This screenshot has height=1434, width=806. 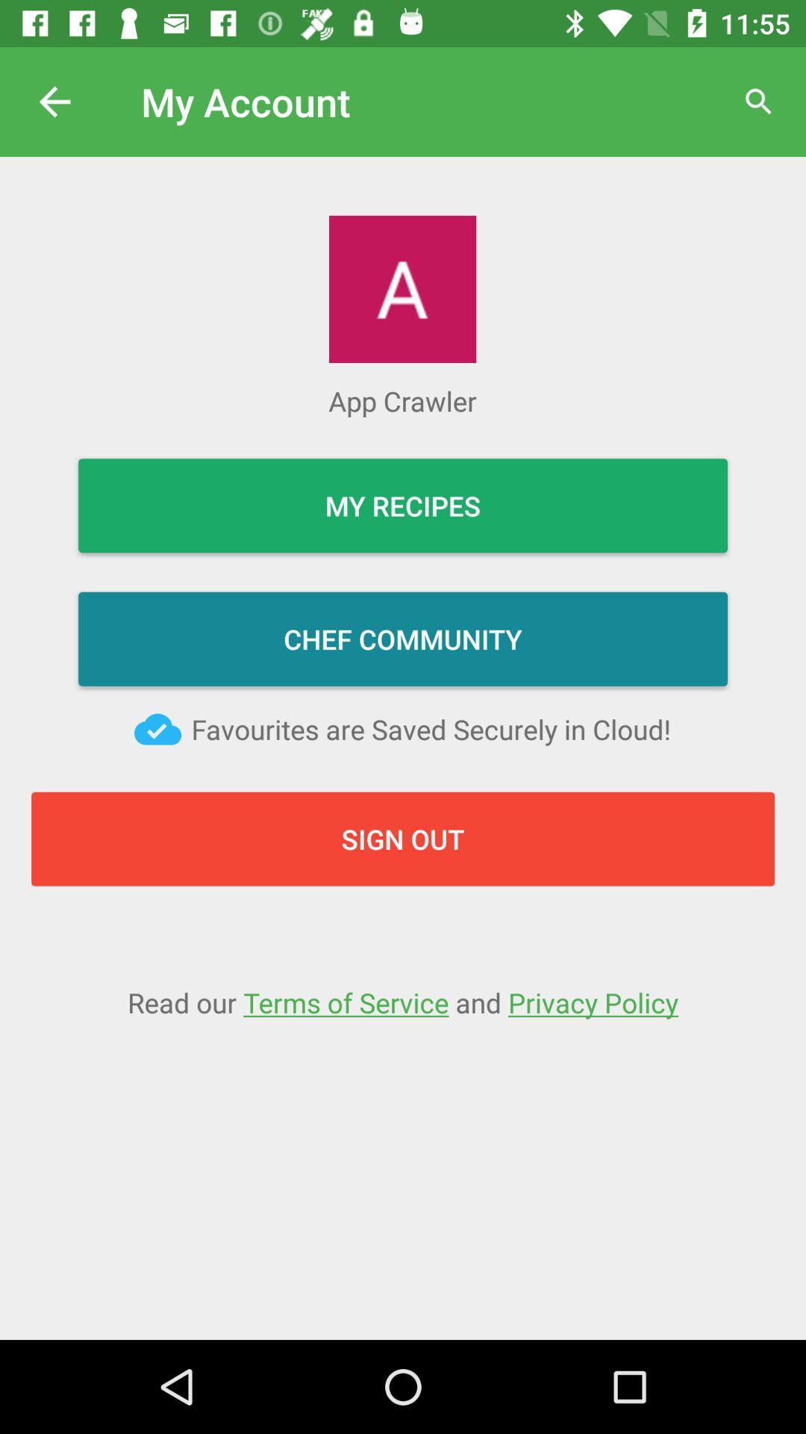 What do you see at coordinates (403, 839) in the screenshot?
I see `sign out button` at bounding box center [403, 839].